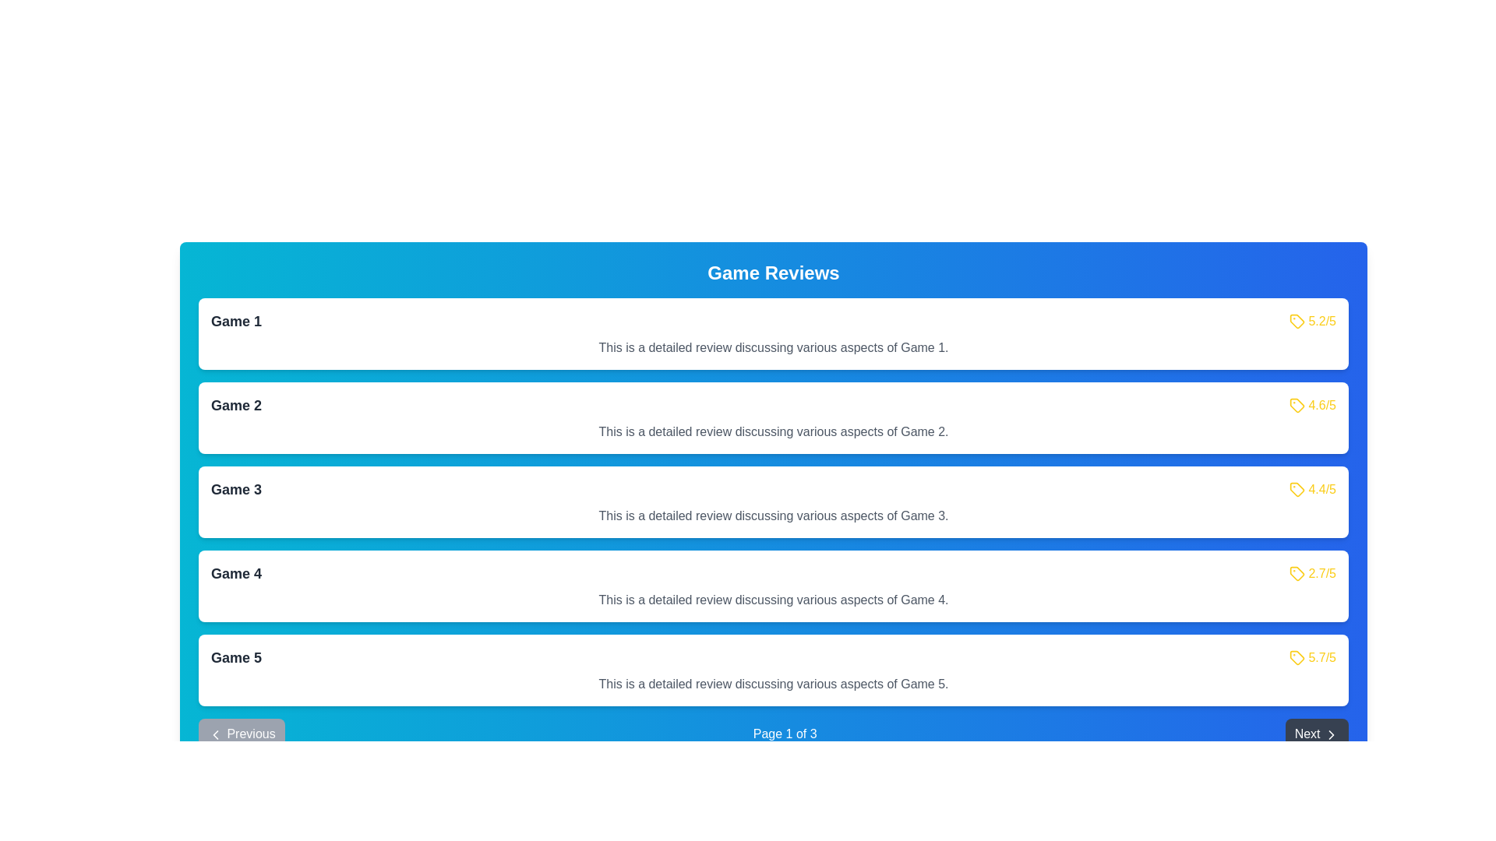 The height and width of the screenshot is (841, 1496). Describe the element at coordinates (1312, 657) in the screenshot. I see `rating value from the compact rating label displaying '5.7/5' with a yellow tag-shaped icon, located on the last row of game reviews aligned to the right alongside 'Game 5'` at that location.